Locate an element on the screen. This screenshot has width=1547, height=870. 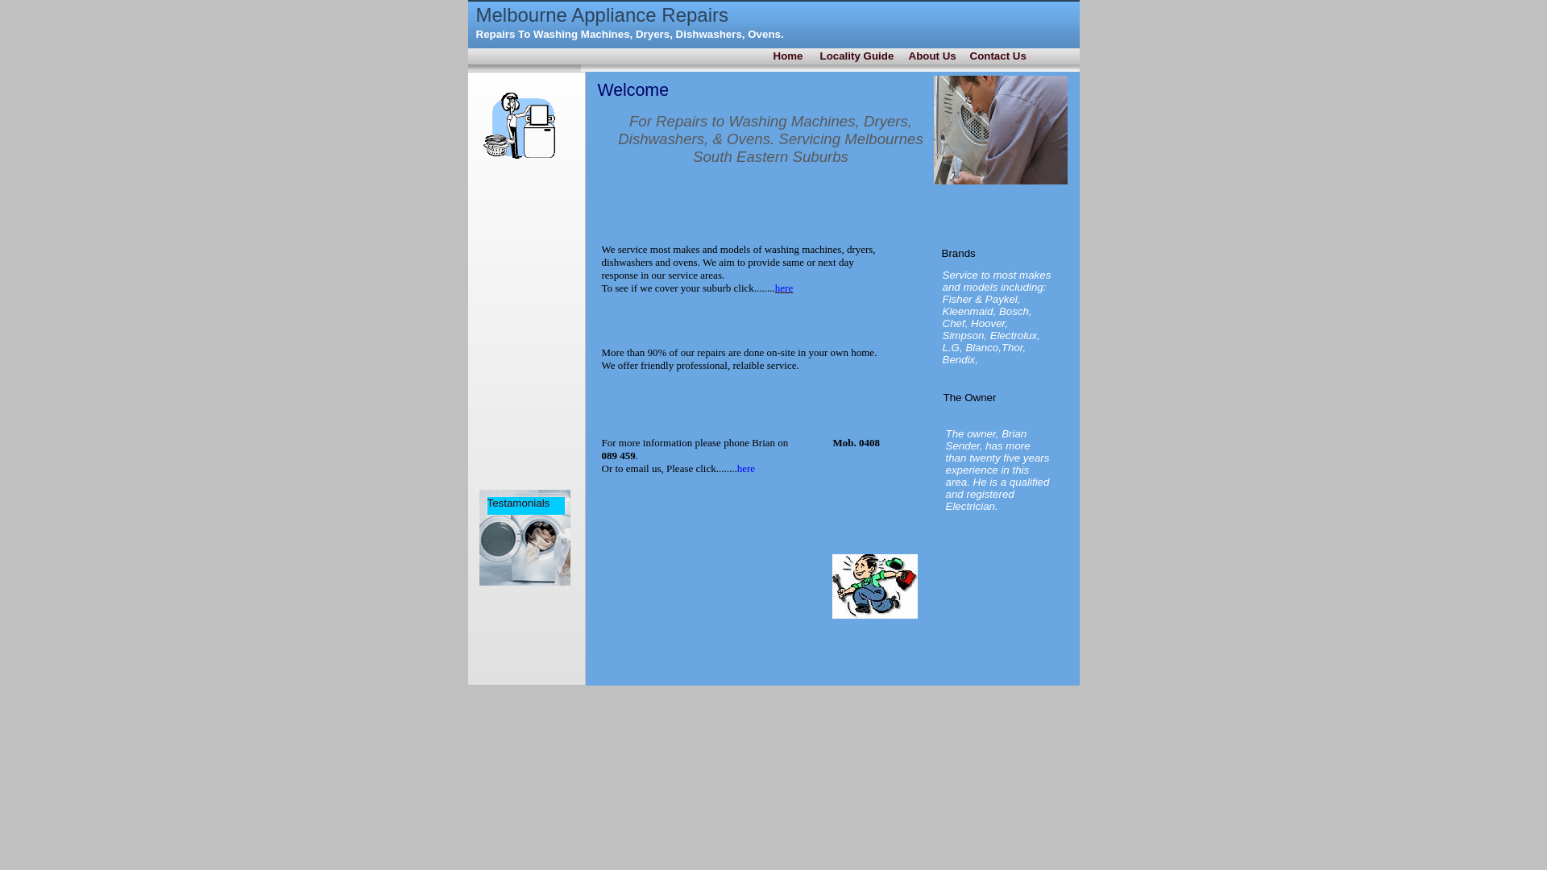
'Home' is located at coordinates (788, 55).